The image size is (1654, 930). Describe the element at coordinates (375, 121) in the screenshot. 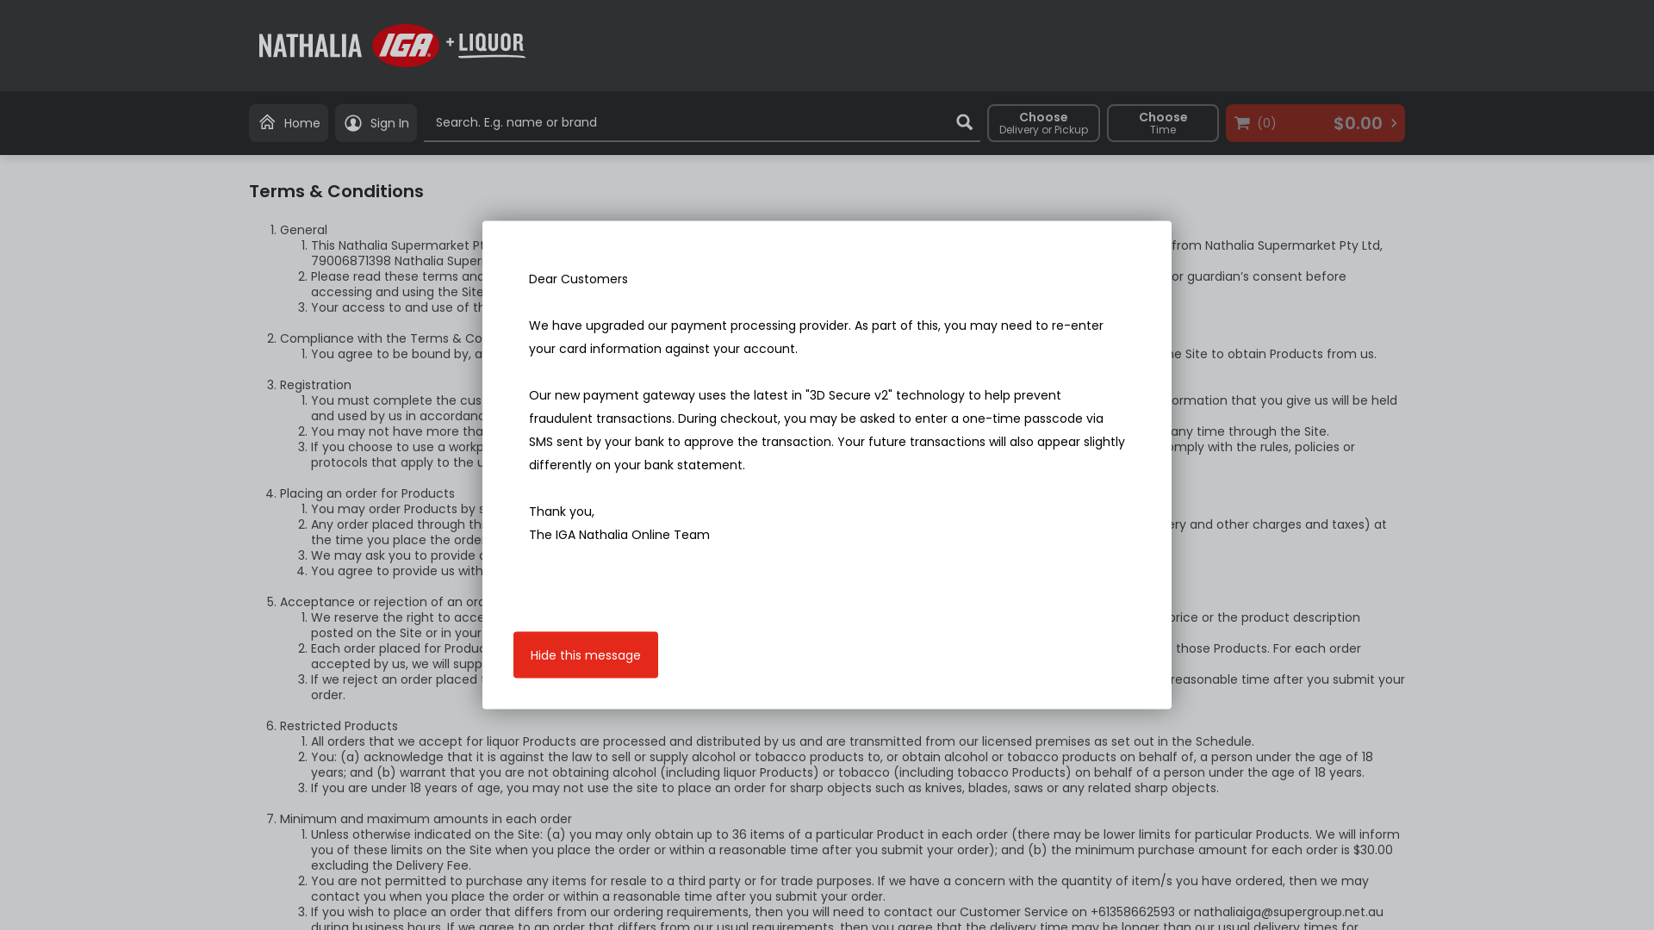

I see `'Sign In'` at that location.